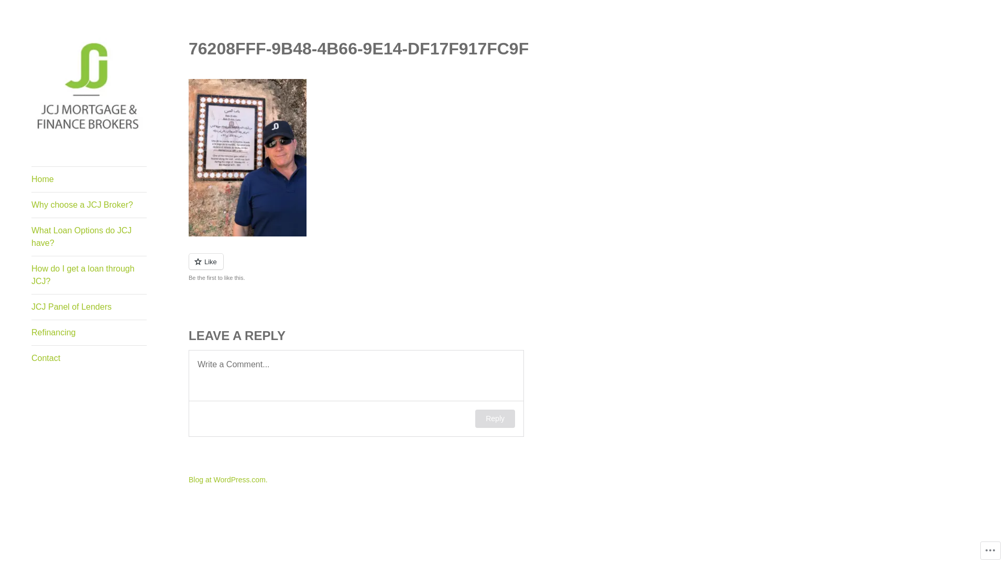  Describe the element at coordinates (495, 418) in the screenshot. I see `'Reply'` at that location.